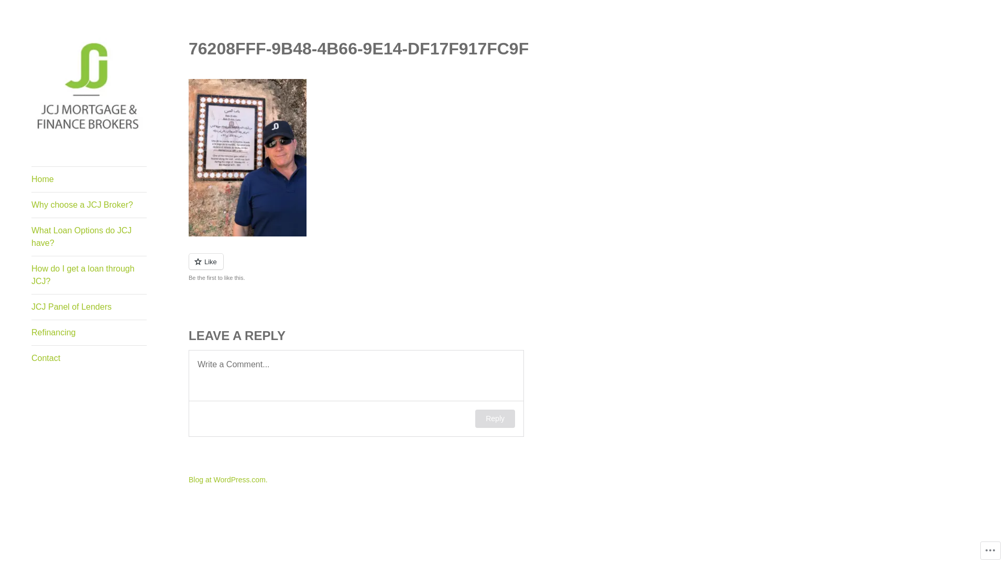  Describe the element at coordinates (495, 418) in the screenshot. I see `'Reply'` at that location.